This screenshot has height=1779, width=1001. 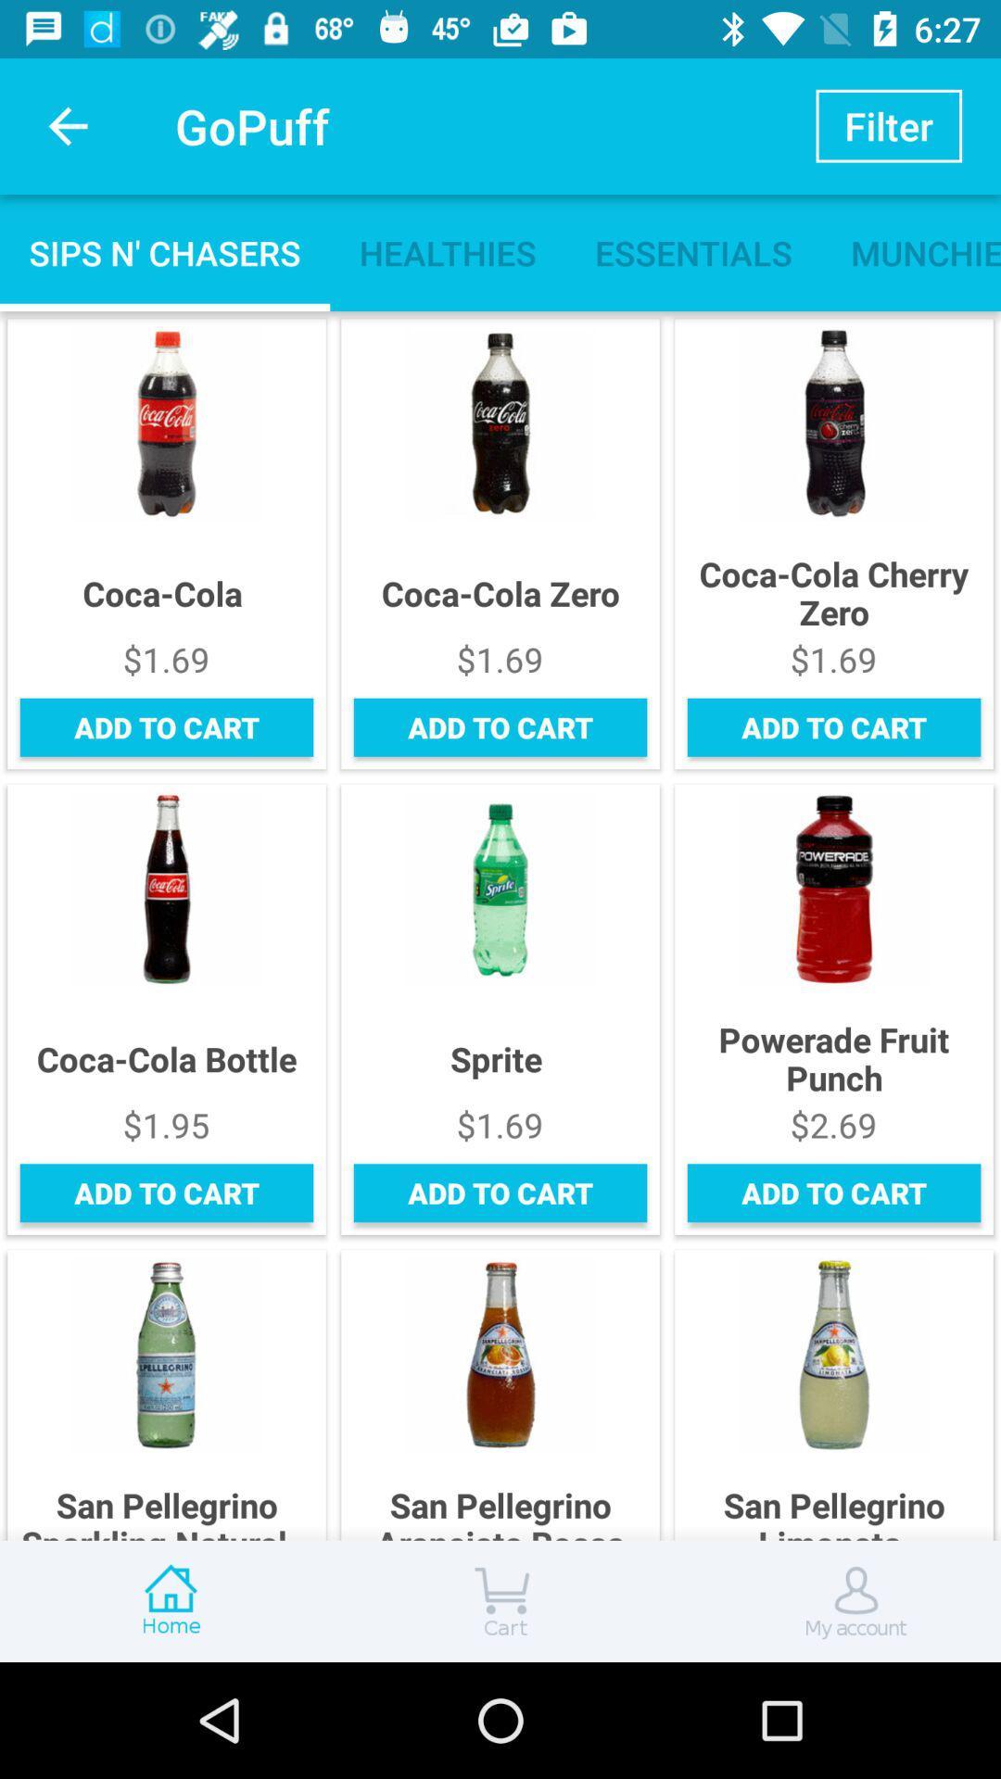 What do you see at coordinates (500, 1600) in the screenshot?
I see `the more icon` at bounding box center [500, 1600].